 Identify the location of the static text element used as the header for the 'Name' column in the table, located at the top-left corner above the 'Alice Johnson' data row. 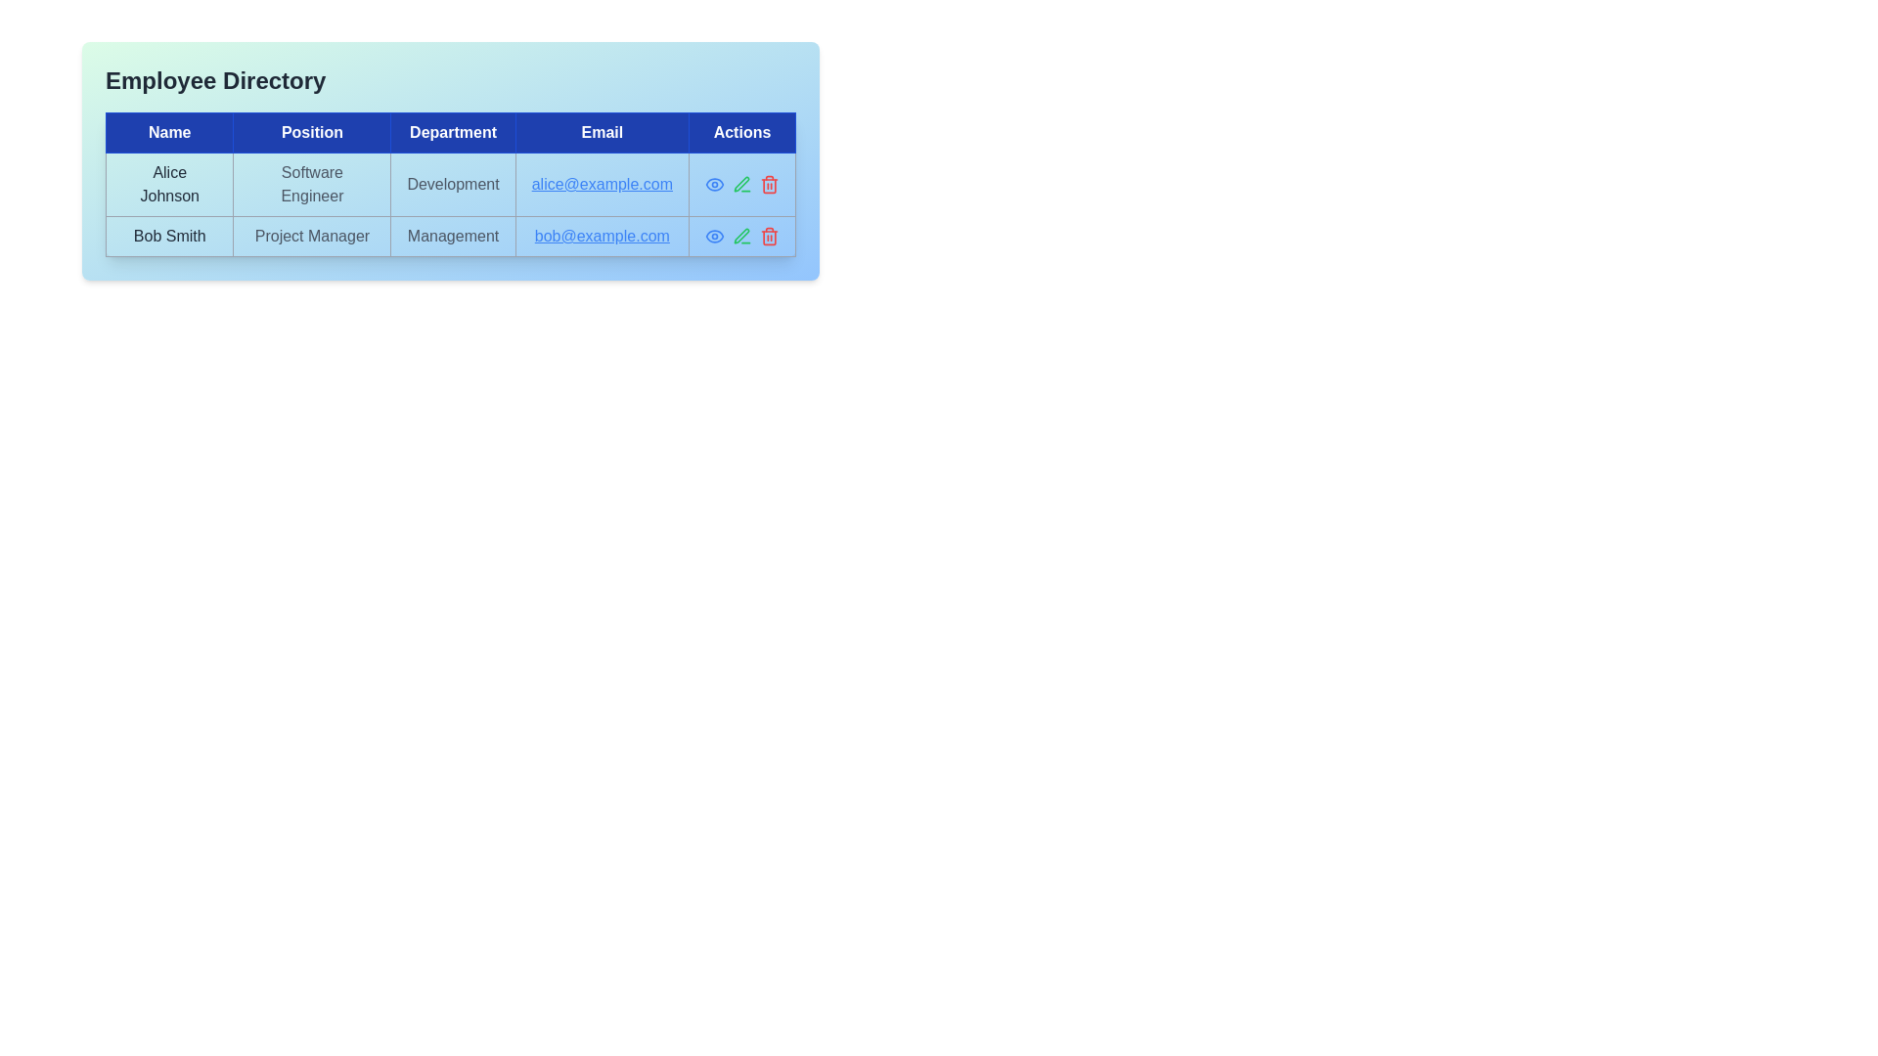
(169, 132).